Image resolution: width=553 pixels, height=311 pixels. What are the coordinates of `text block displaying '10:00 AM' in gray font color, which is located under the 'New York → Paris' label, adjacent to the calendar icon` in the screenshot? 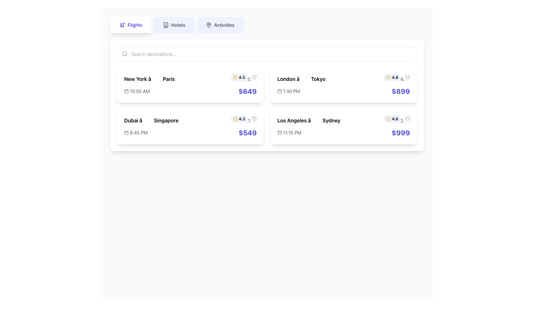 It's located at (140, 91).